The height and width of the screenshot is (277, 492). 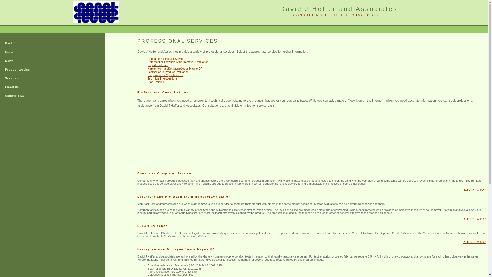 I want to click on 'Services', so click(x=21, y=78).